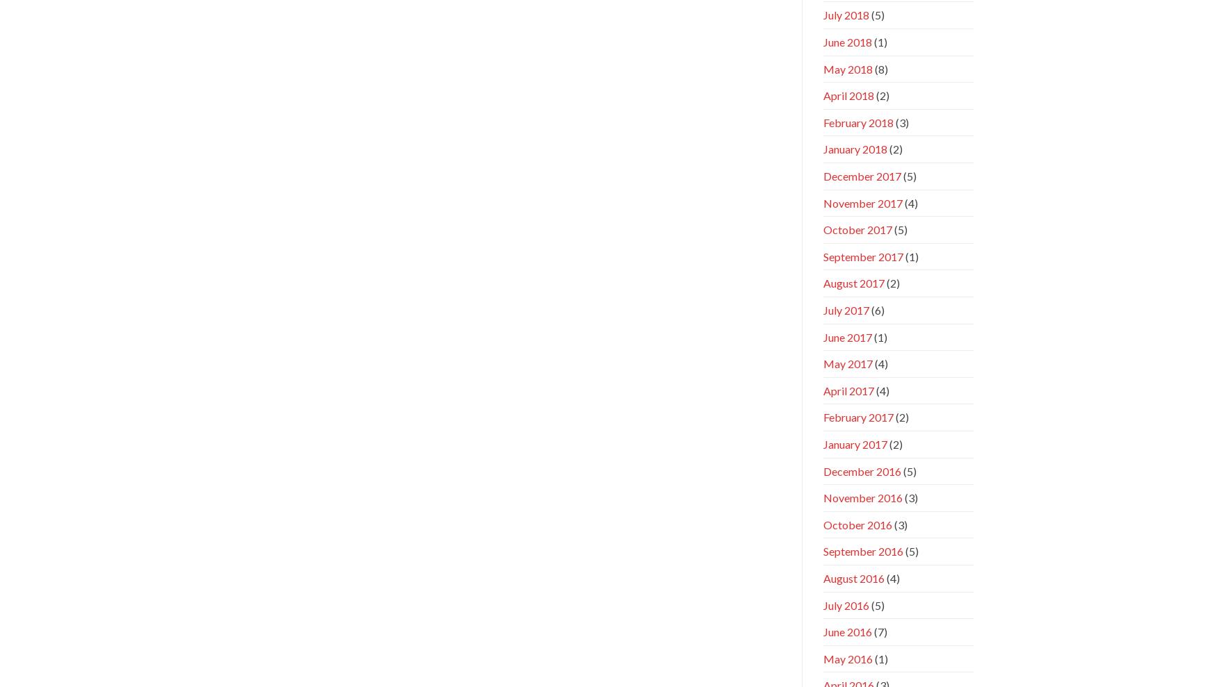  Describe the element at coordinates (855, 149) in the screenshot. I see `'January 2018'` at that location.